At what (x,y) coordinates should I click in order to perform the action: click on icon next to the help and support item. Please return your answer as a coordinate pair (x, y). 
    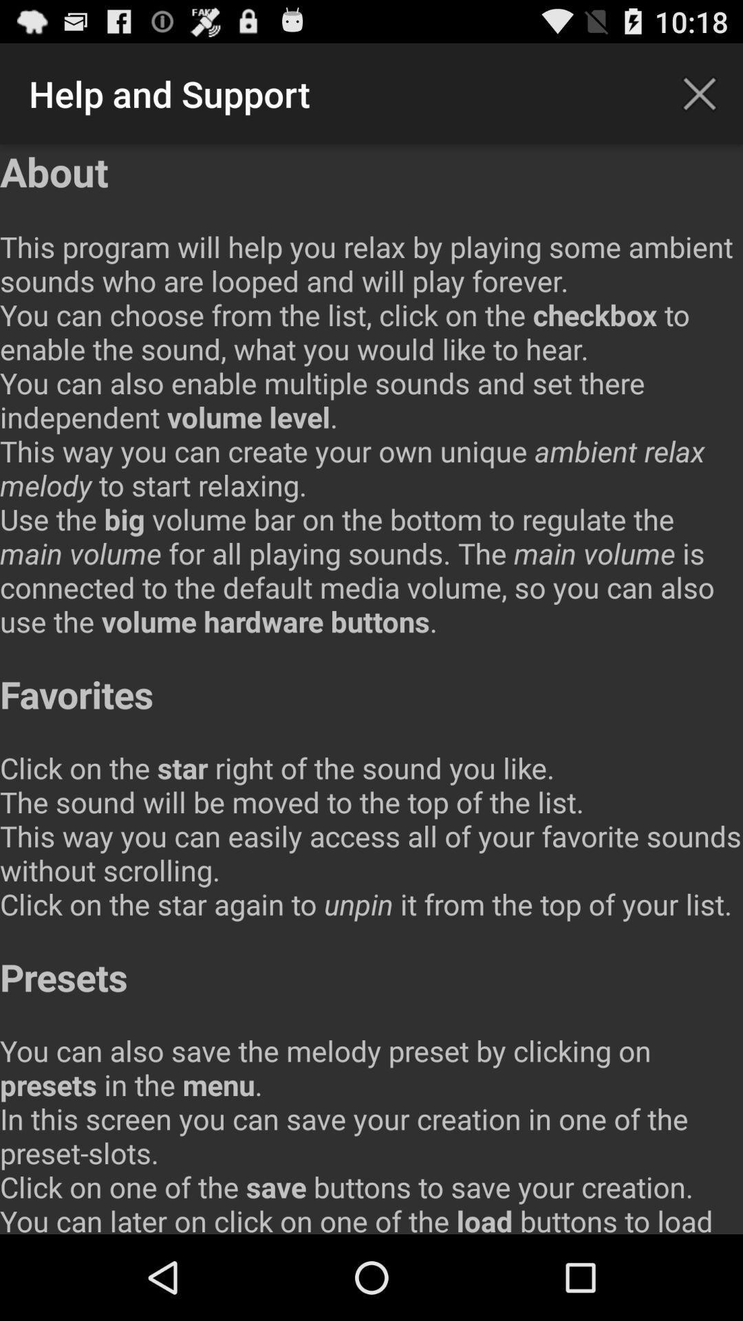
    Looking at the image, I should click on (700, 93).